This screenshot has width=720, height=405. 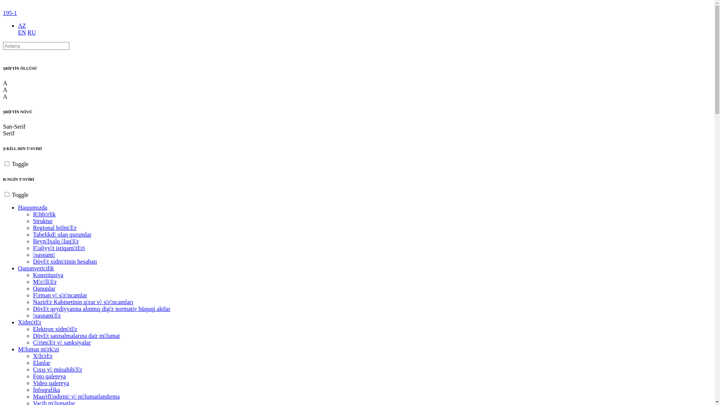 I want to click on 'Konstitusiya', so click(x=32, y=275).